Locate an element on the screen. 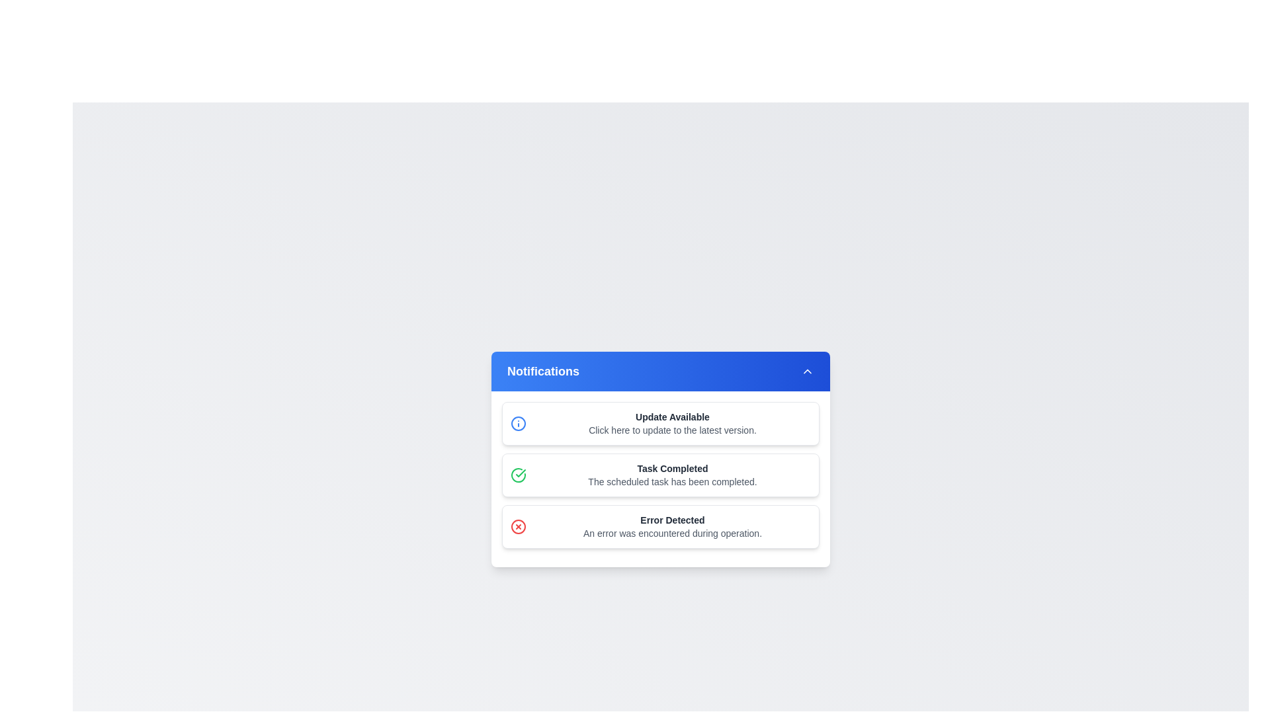 This screenshot has height=714, width=1270. the error status icon located in the notification card that reads 'Error Detected - An error was encountered during operation.' This icon is positioned to the left of the text section, aligned with the top line of the label is located at coordinates (517, 526).